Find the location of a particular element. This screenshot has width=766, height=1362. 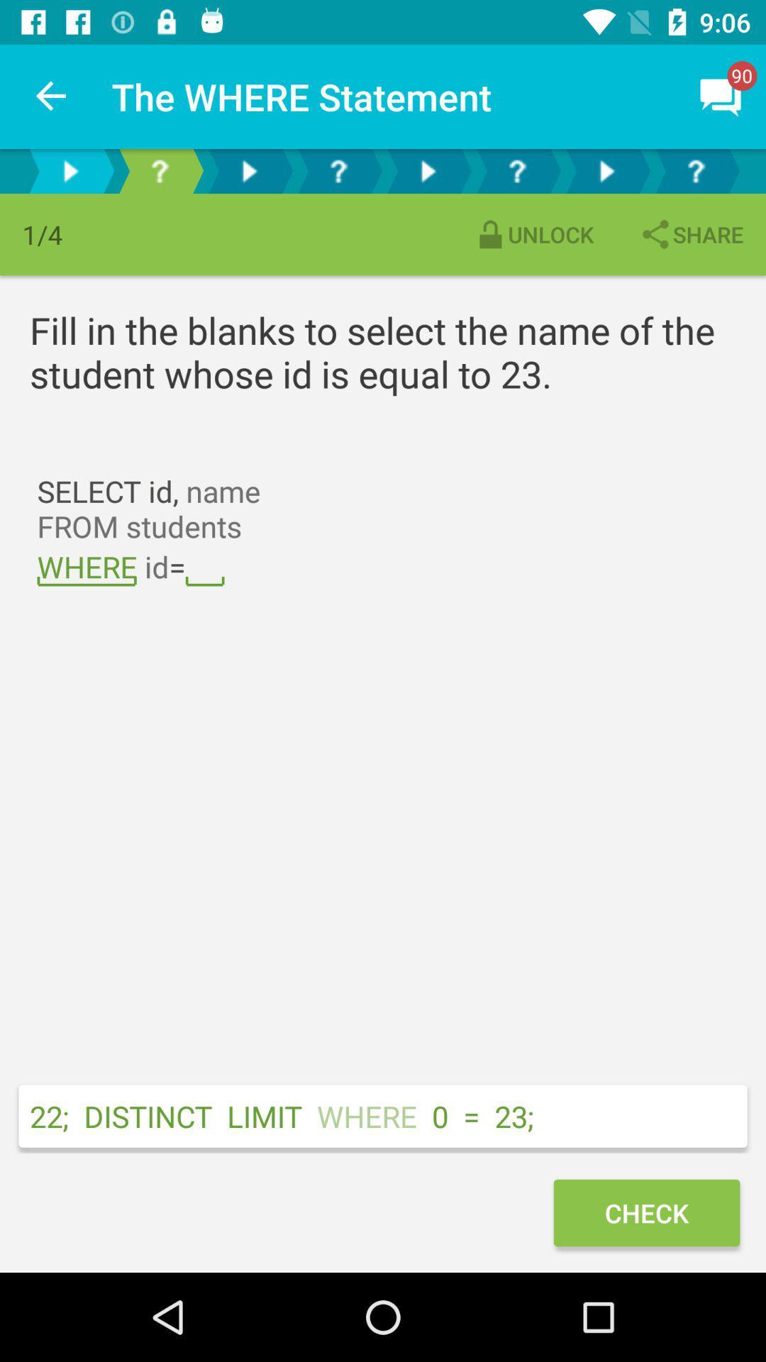

the icon above fill in the icon is located at coordinates (690, 234).